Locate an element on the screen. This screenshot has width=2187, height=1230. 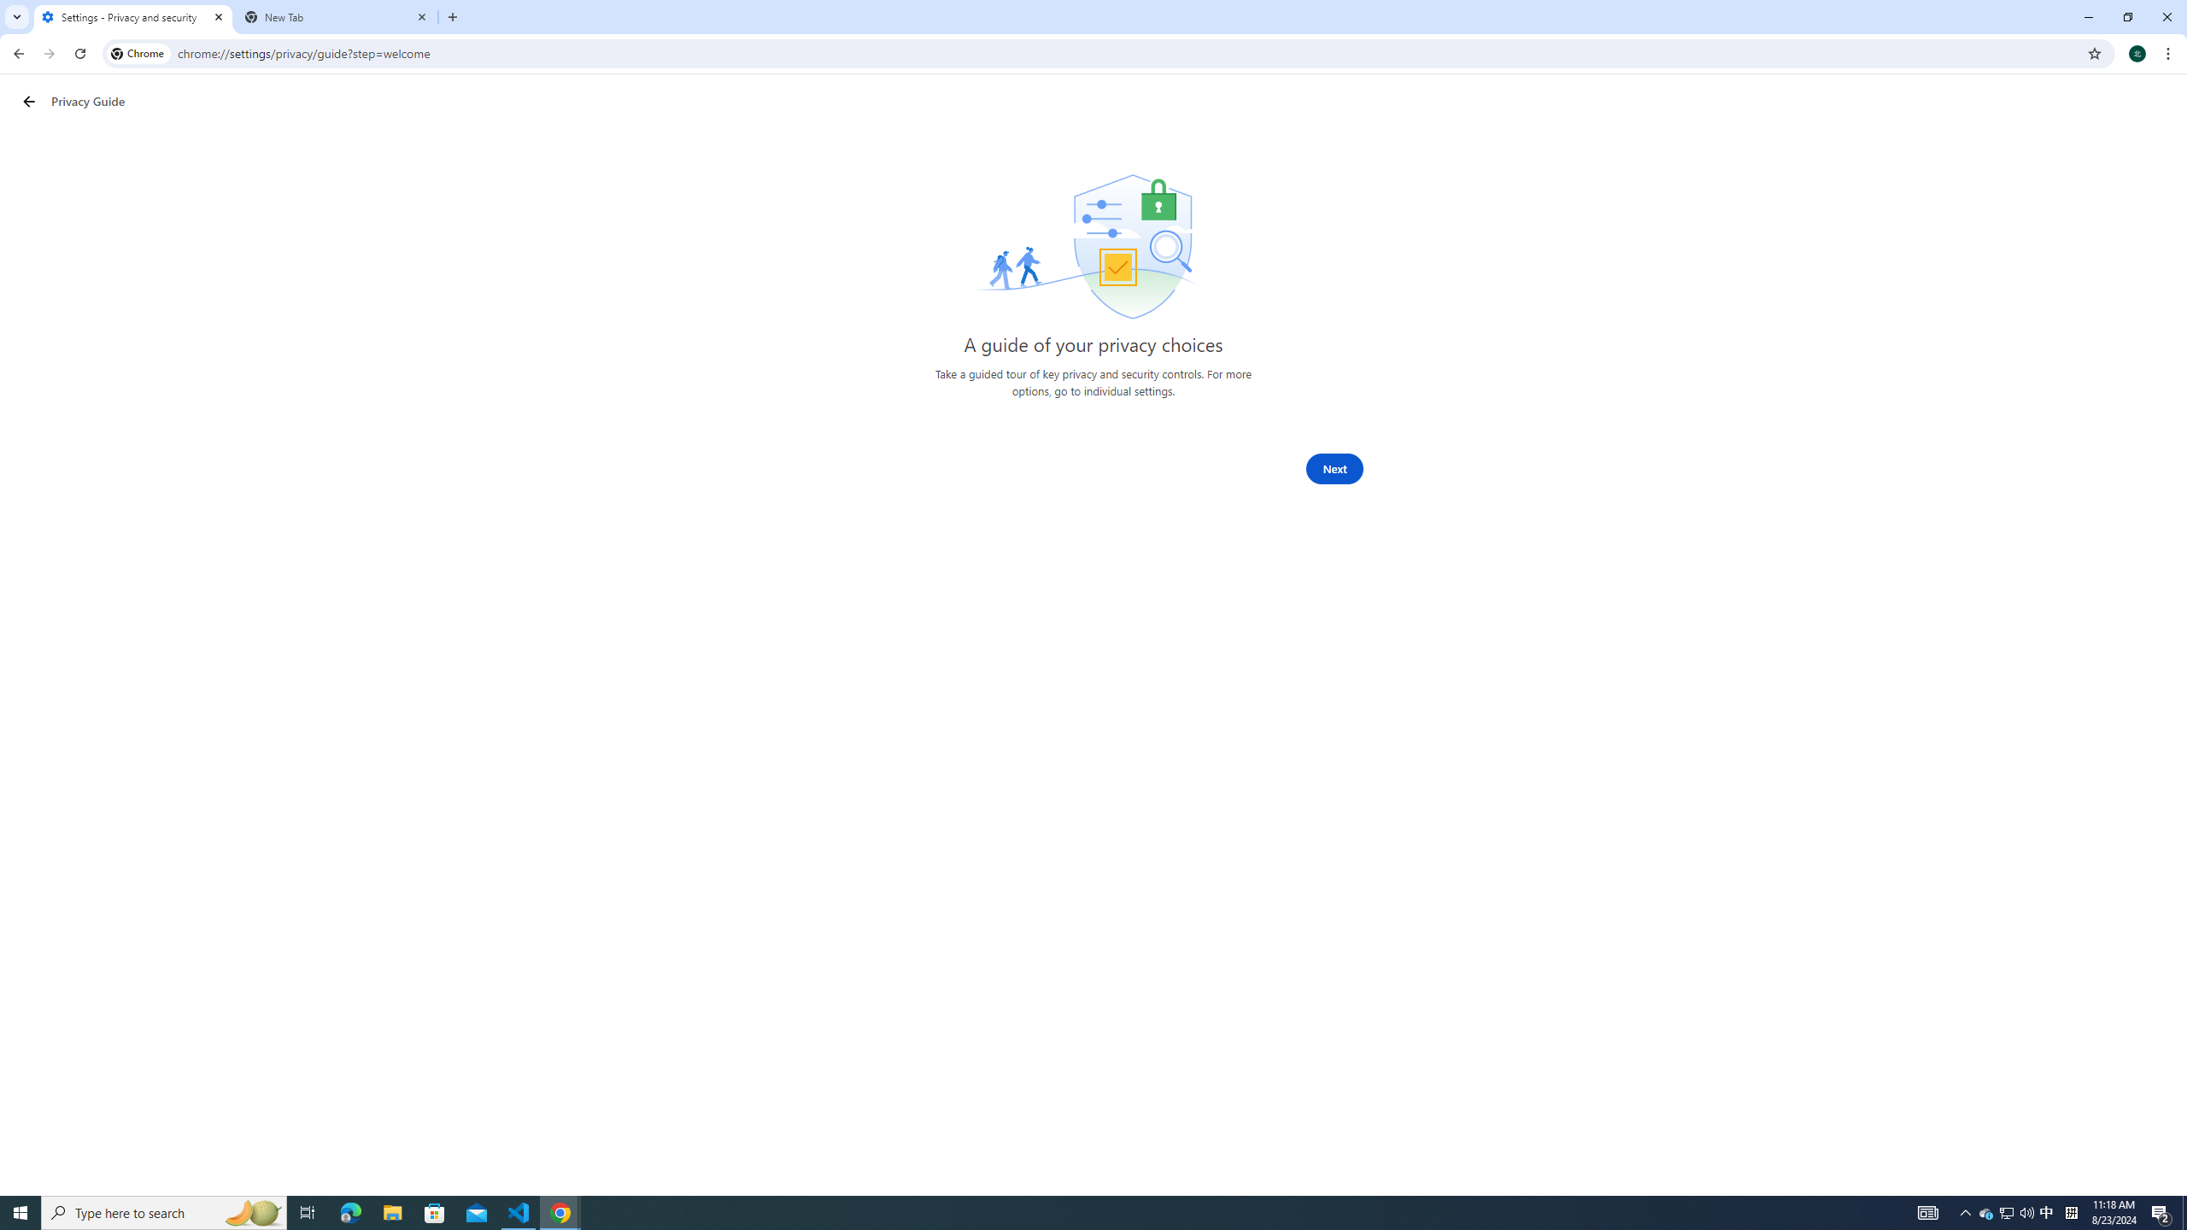
'Privacy Guide back button' is located at coordinates (28, 101).